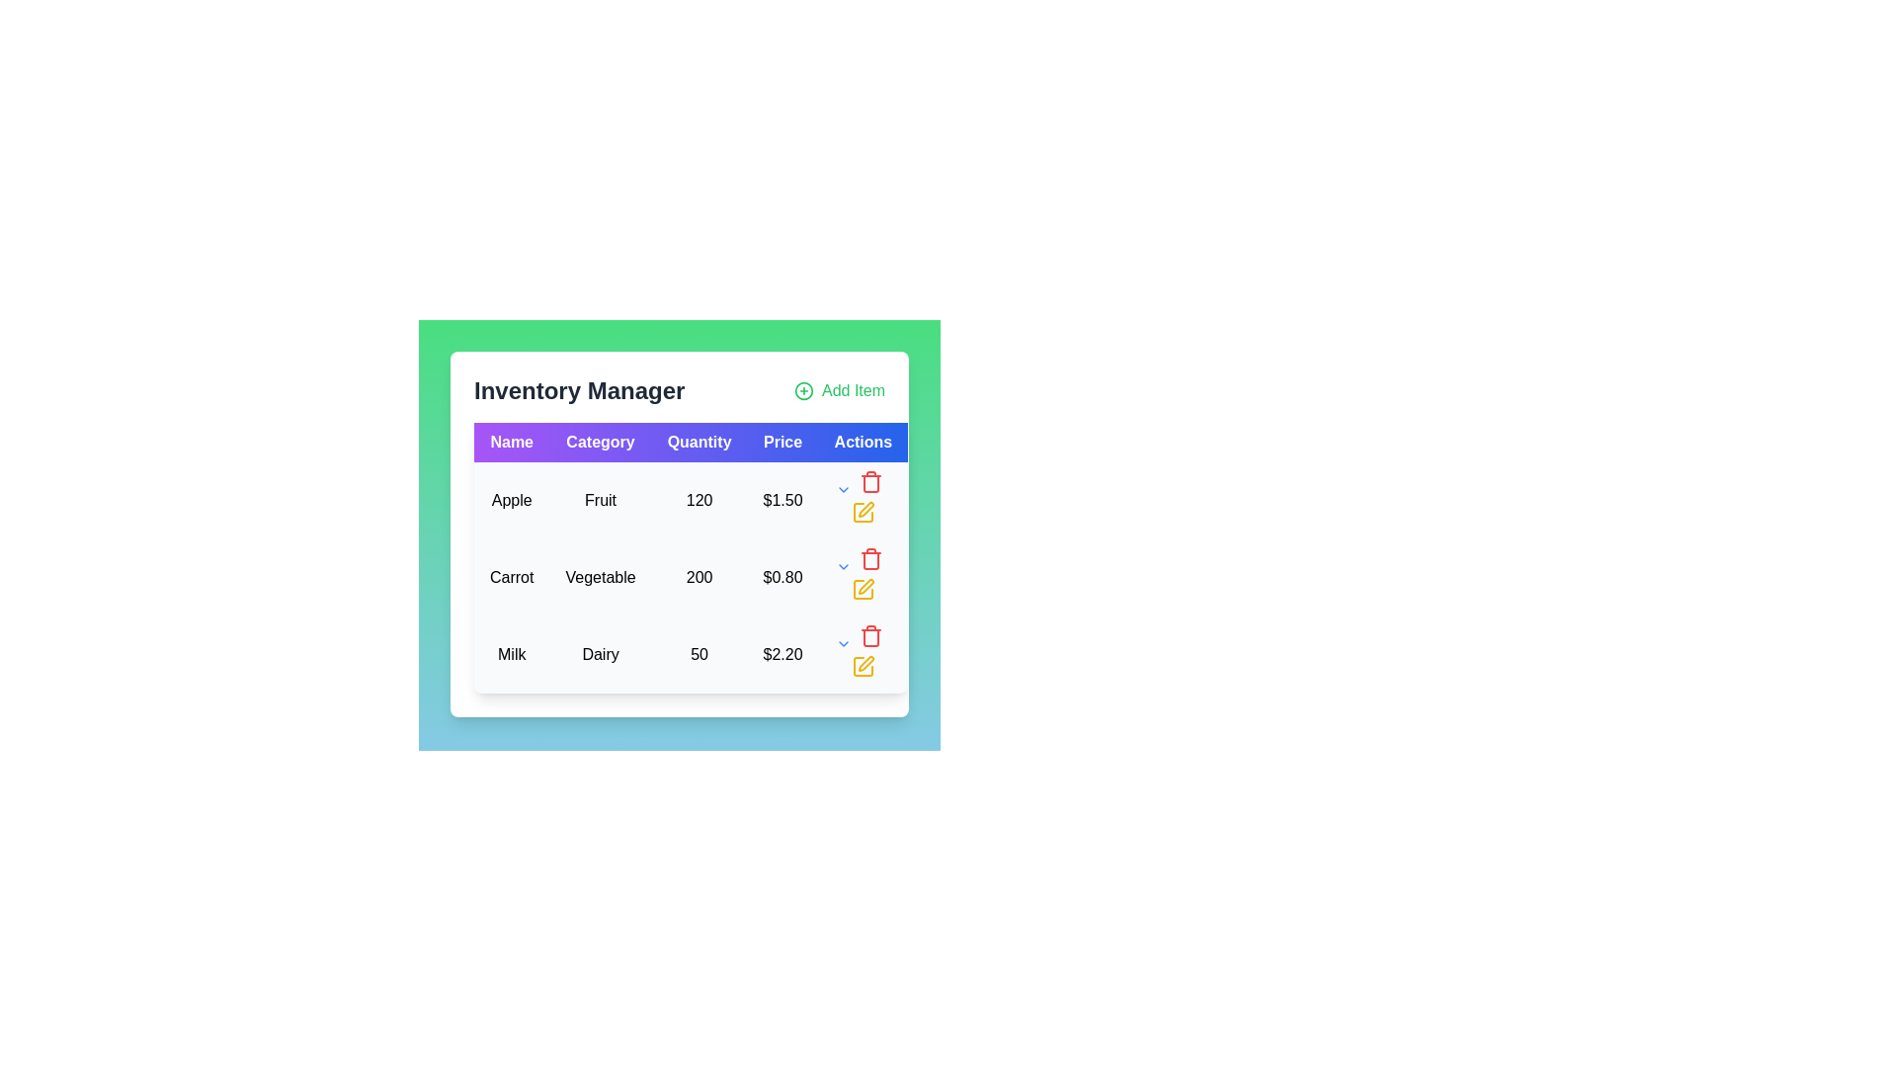 The width and height of the screenshot is (1897, 1067). I want to click on the edit icon button located in the 'Actions' column of the last row corresponding to the 'Milk' item, so click(863, 667).